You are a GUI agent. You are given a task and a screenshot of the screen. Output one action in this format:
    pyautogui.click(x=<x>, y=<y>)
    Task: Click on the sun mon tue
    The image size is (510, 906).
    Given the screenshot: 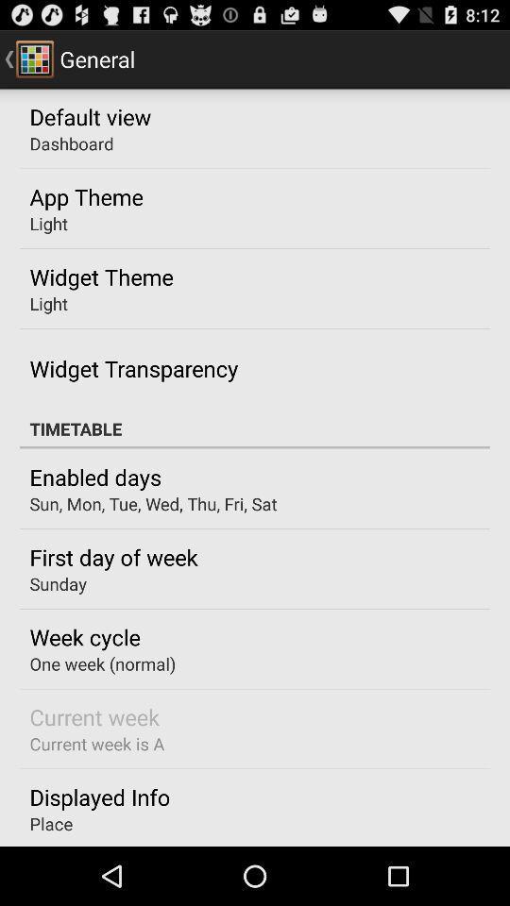 What is the action you would take?
    pyautogui.click(x=152, y=503)
    